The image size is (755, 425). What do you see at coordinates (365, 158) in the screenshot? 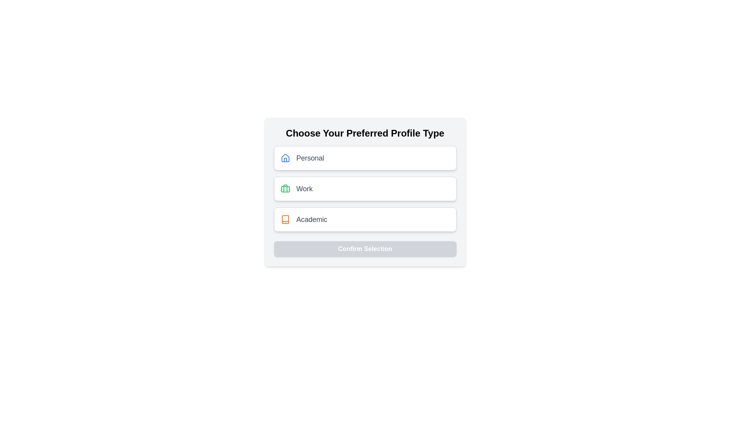
I see `the 'Personal' profile type button, which is the first option in the list of profile types` at bounding box center [365, 158].